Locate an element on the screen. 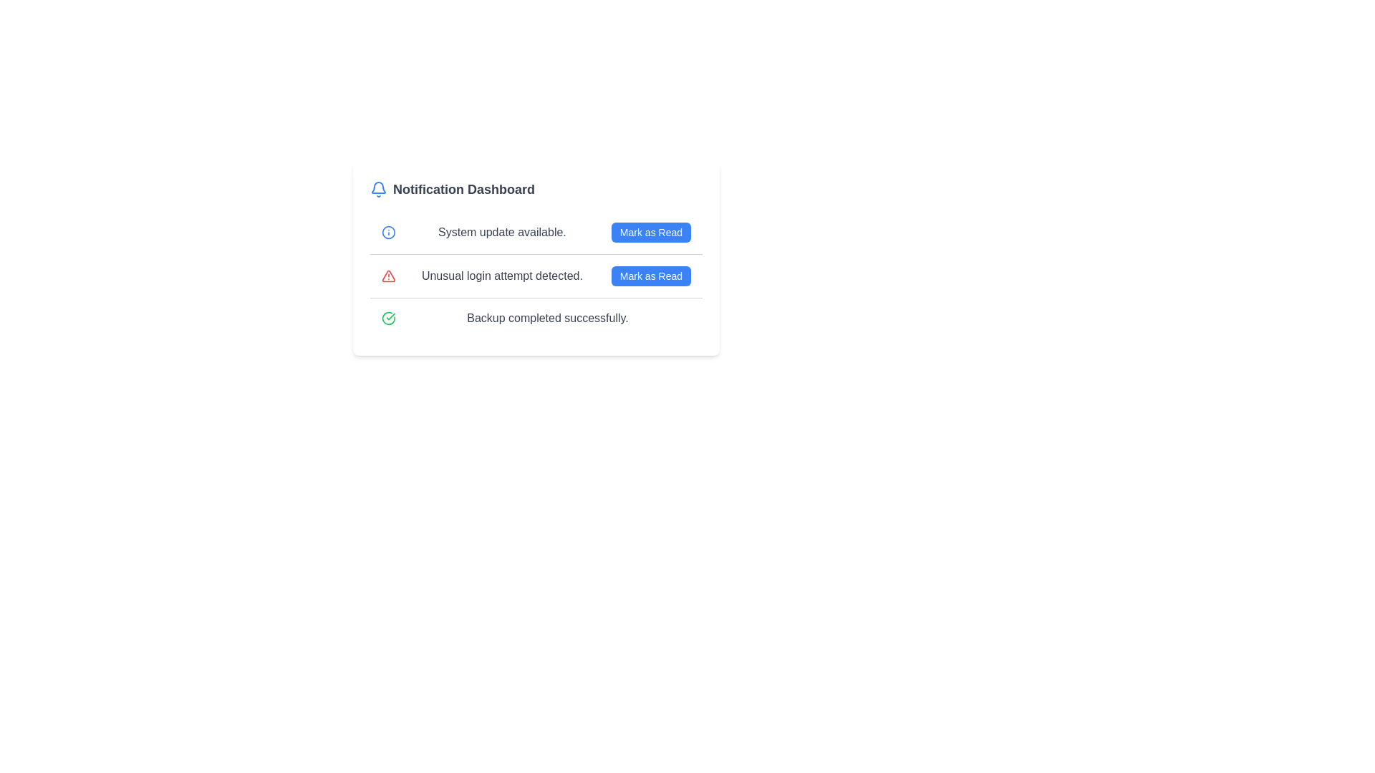 This screenshot has width=1375, height=773. the Circle (SVG element) which serves as a graphical indicator in the top-left quadrant of the notification dashboard is located at coordinates (388, 231).